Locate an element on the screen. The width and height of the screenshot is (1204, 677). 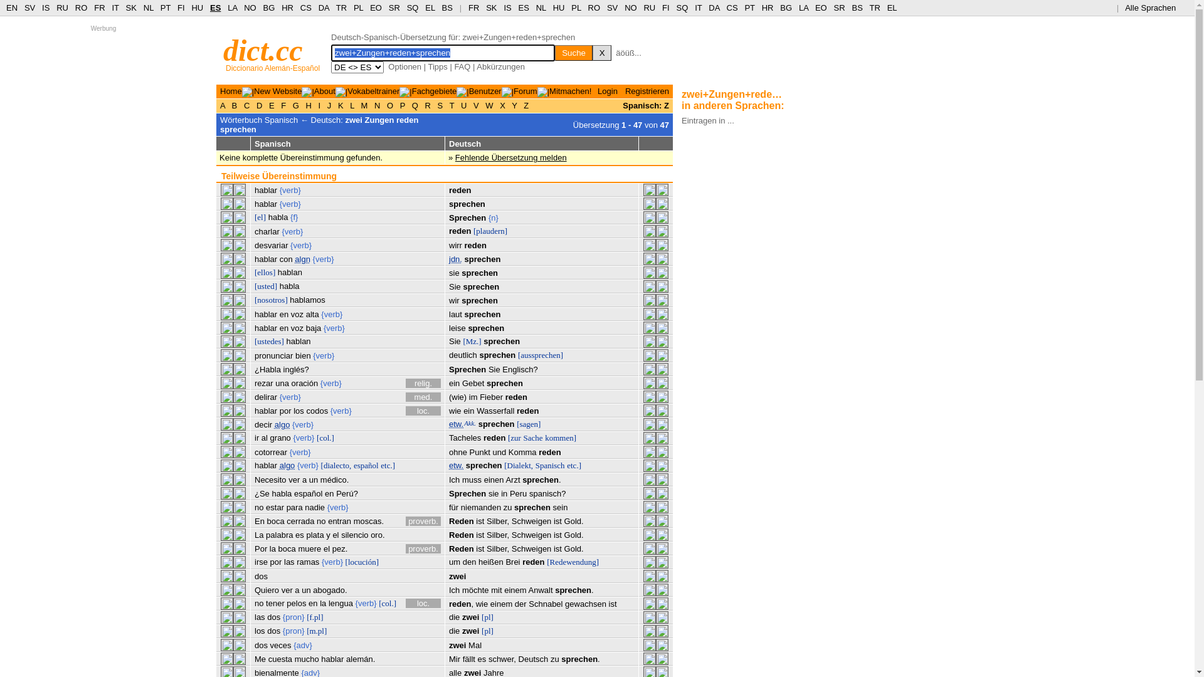
'I' is located at coordinates (316, 105).